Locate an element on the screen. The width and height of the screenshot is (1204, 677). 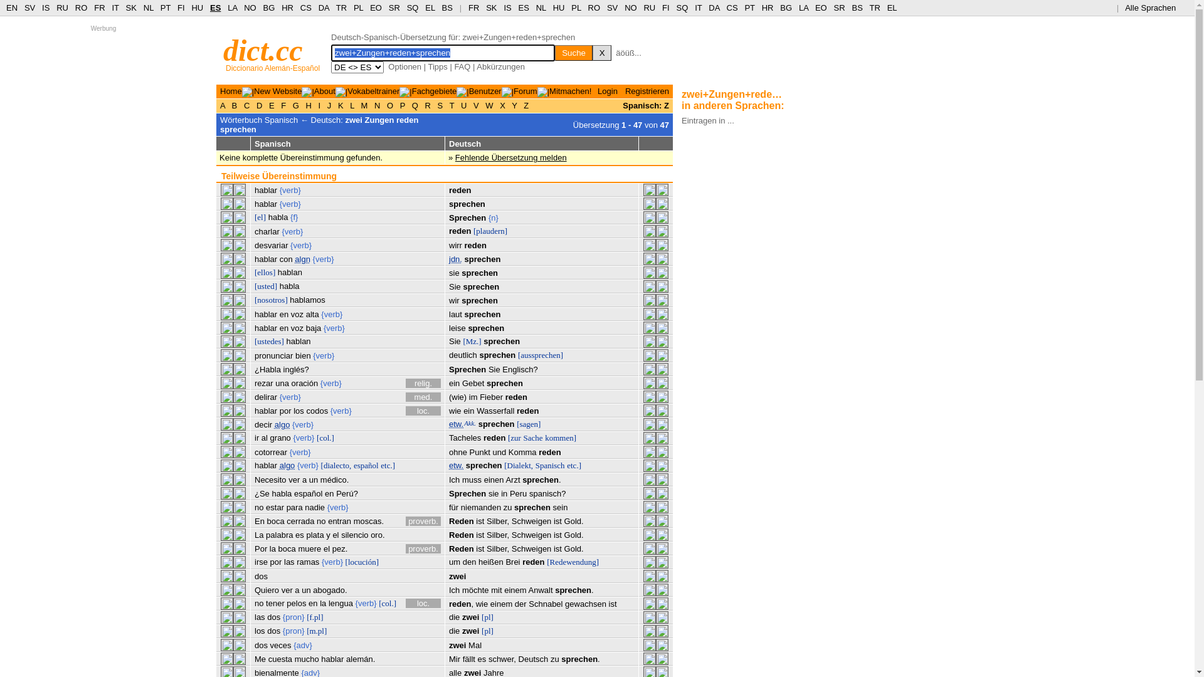
'I' is located at coordinates (316, 105).